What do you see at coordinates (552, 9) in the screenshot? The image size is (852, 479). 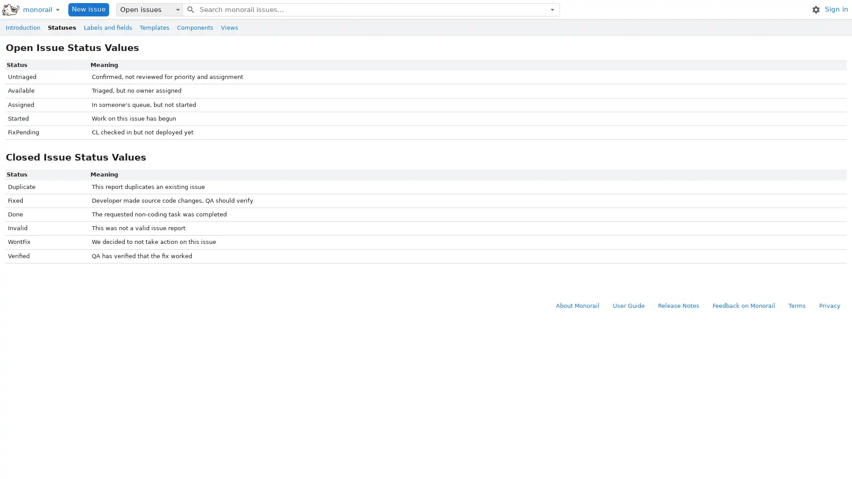 I see `Search options` at bounding box center [552, 9].